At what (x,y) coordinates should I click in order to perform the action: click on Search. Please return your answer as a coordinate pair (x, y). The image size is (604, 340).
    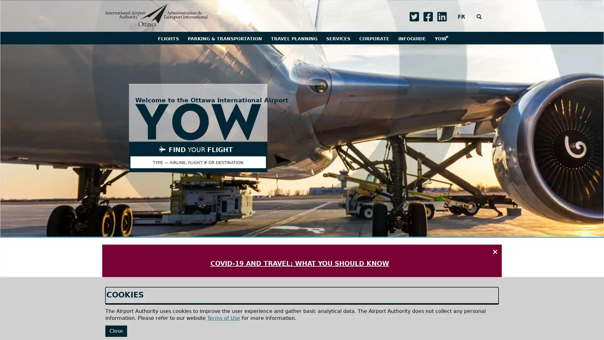
    Looking at the image, I should click on (478, 17).